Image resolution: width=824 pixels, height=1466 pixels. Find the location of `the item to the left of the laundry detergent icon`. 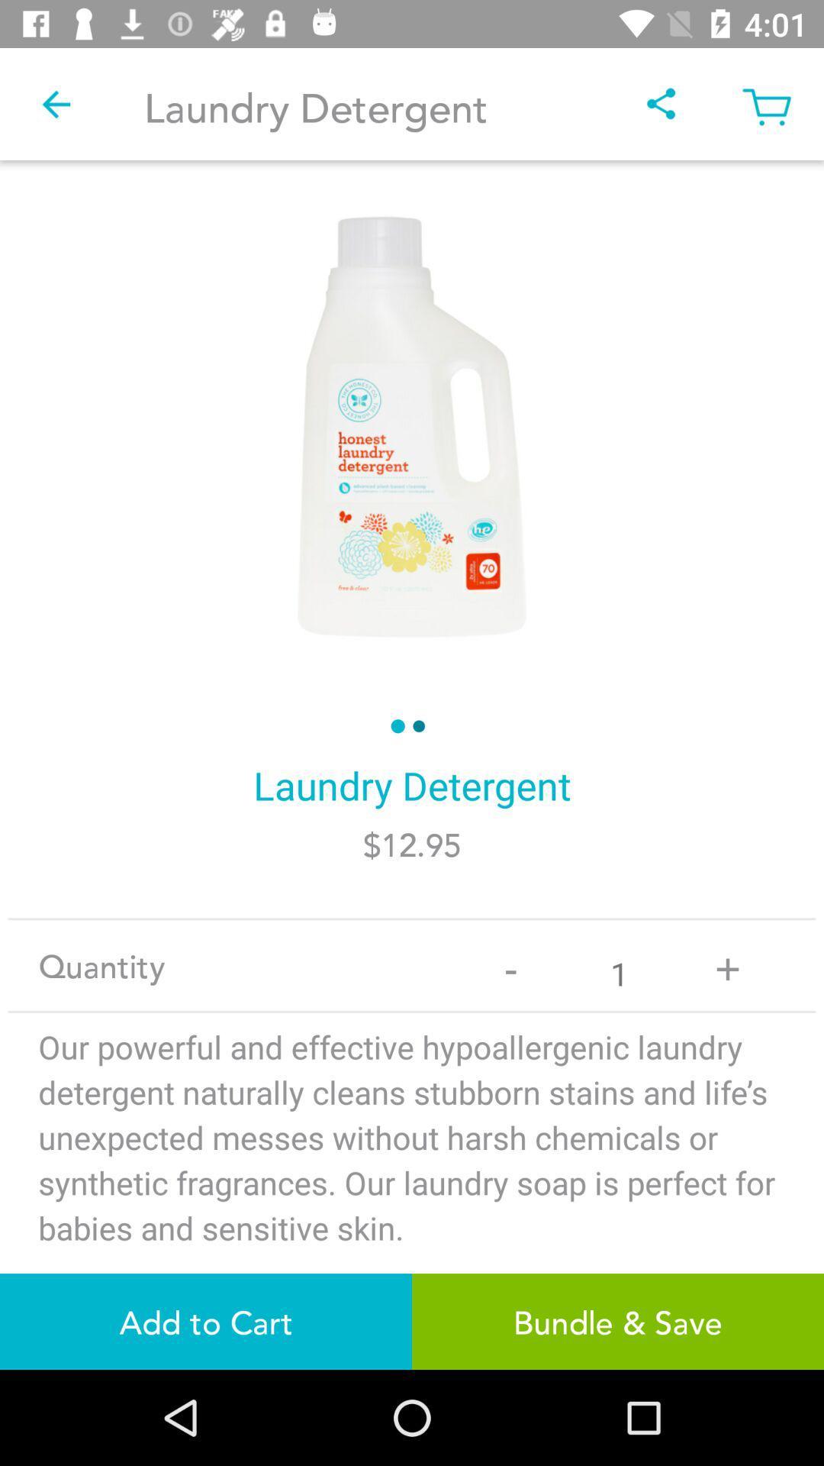

the item to the left of the laundry detergent icon is located at coordinates (55, 103).